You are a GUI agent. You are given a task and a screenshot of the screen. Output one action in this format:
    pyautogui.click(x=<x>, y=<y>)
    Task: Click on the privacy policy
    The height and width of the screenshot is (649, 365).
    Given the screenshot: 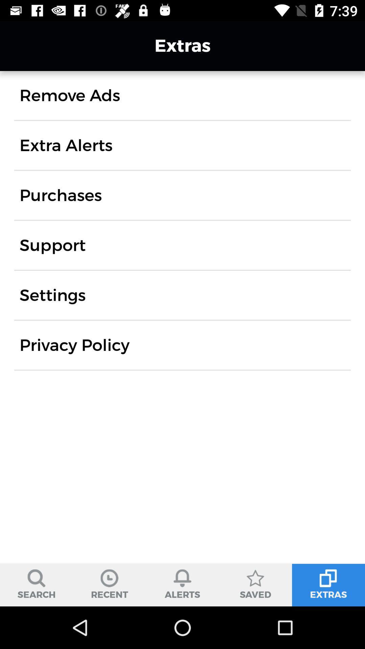 What is the action you would take?
    pyautogui.click(x=74, y=345)
    